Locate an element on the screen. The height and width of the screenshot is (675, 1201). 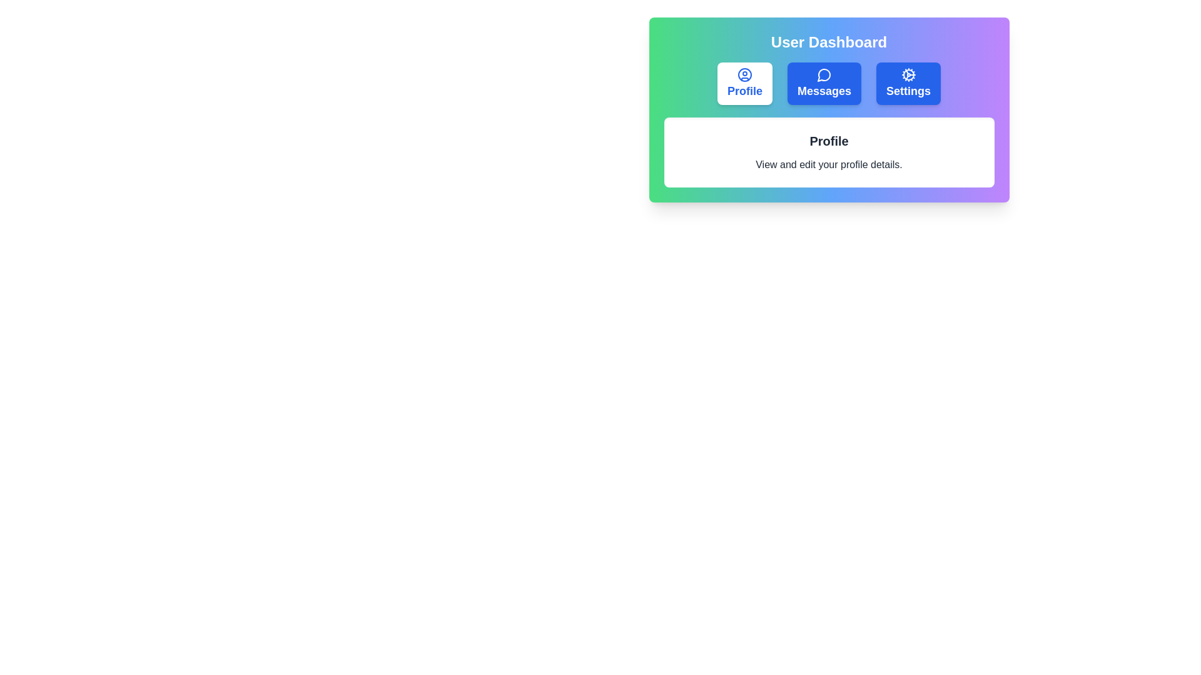
the 'Profile' label, which is styled in bold blue text on a white background, located below the user profile icon in the top-left corner of the dashboard card is located at coordinates (744, 91).